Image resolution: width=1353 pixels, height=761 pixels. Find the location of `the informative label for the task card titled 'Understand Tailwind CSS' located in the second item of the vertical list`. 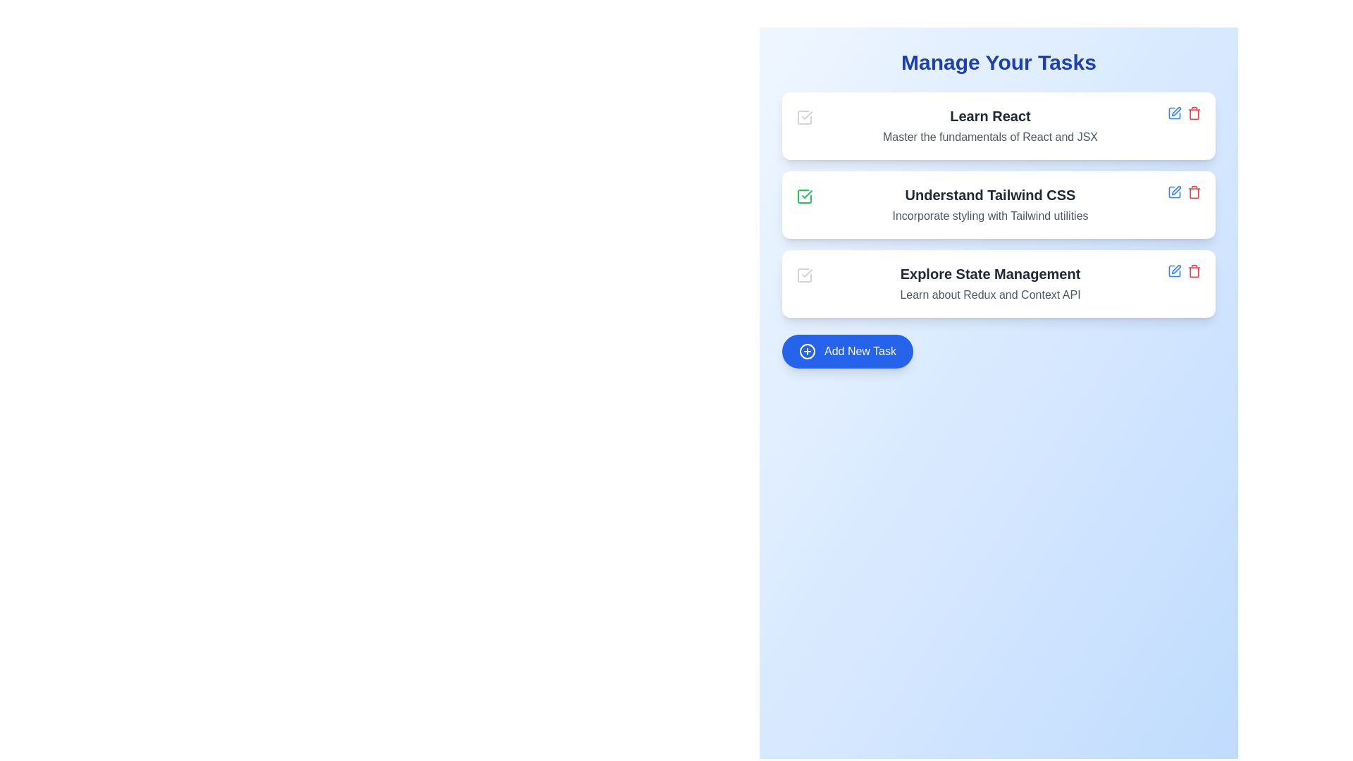

the informative label for the task card titled 'Understand Tailwind CSS' located in the second item of the vertical list is located at coordinates (989, 195).